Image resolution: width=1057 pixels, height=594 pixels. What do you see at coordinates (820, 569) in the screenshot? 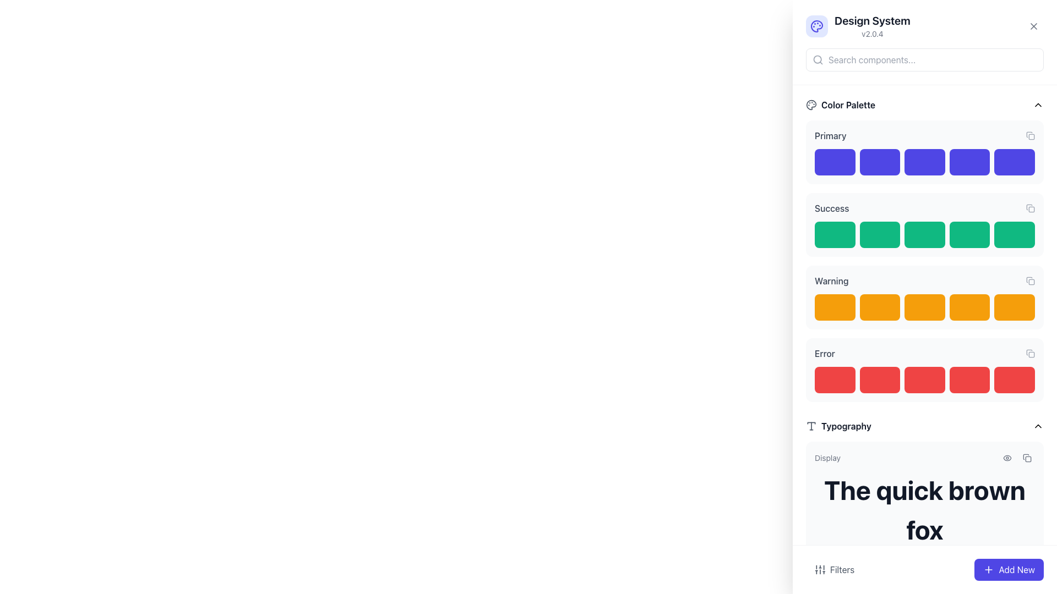
I see `the 'Filters' button, which contains an icon depicting vertical sliders for audio or settings adjustments` at bounding box center [820, 569].